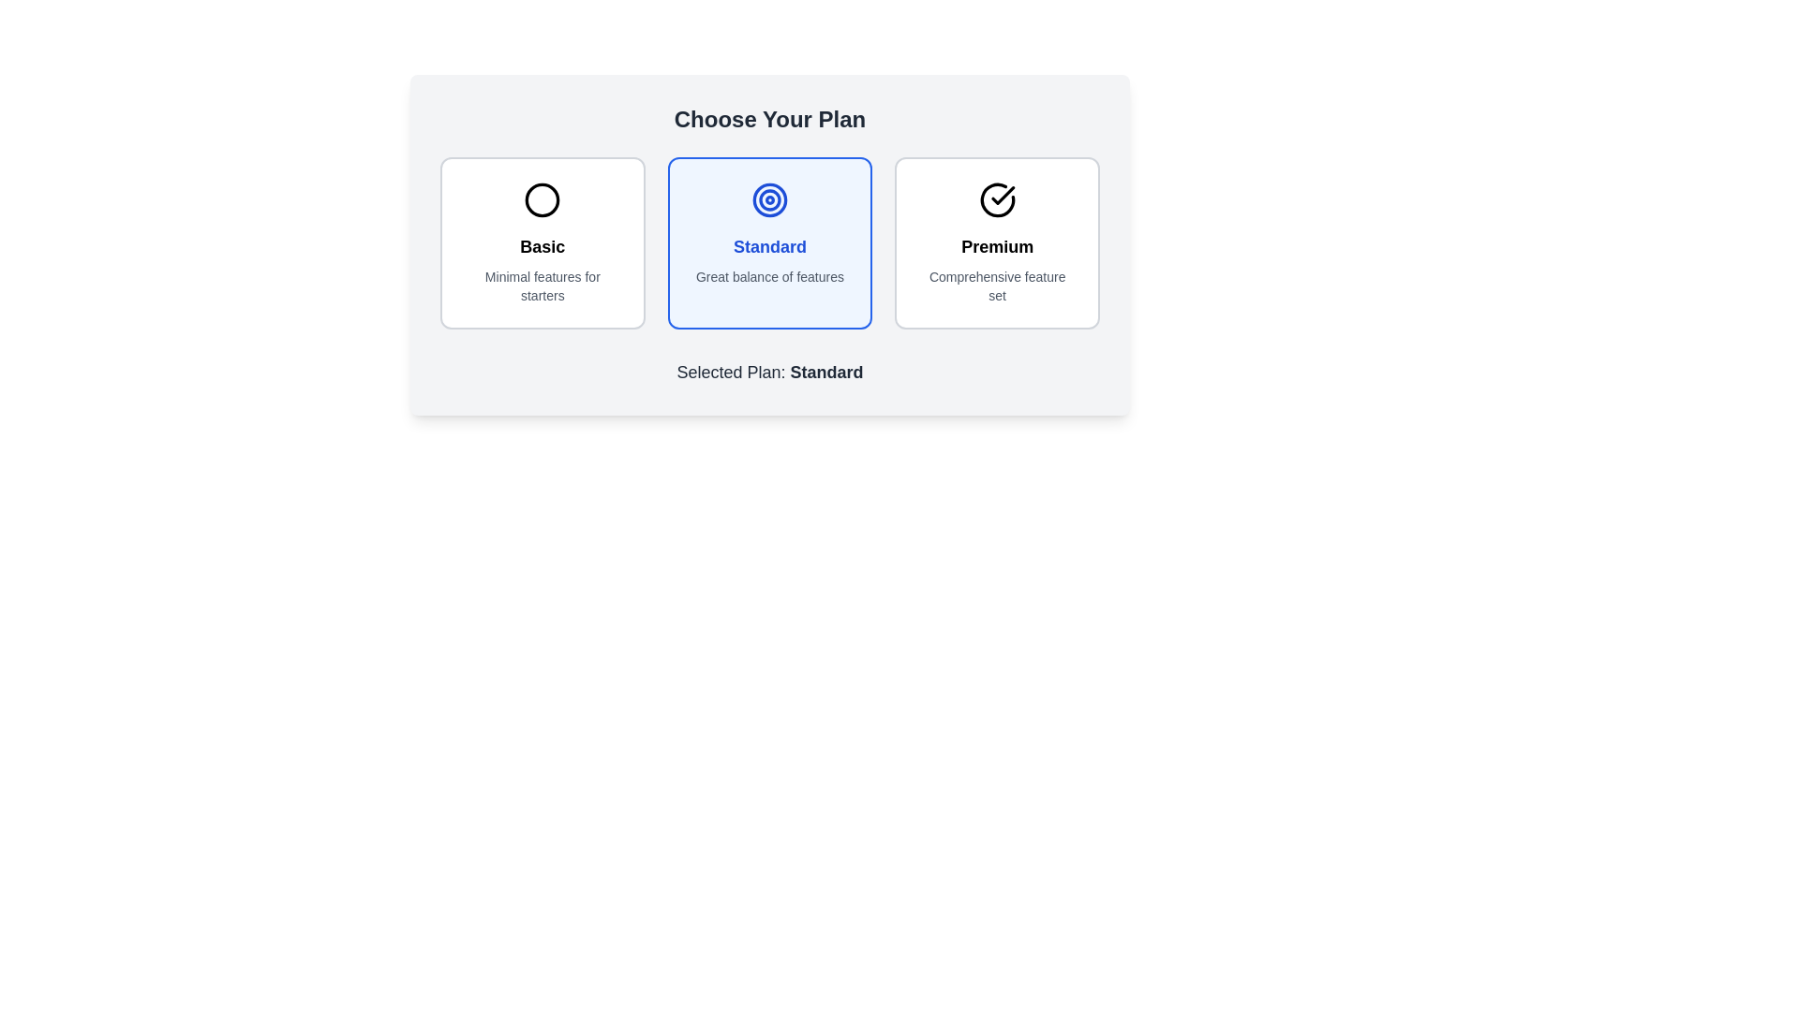 The height and width of the screenshot is (1011, 1799). What do you see at coordinates (769, 244) in the screenshot?
I see `the highlighted 'Standard' plan option in the 'Choose Your Plan' selection area` at bounding box center [769, 244].